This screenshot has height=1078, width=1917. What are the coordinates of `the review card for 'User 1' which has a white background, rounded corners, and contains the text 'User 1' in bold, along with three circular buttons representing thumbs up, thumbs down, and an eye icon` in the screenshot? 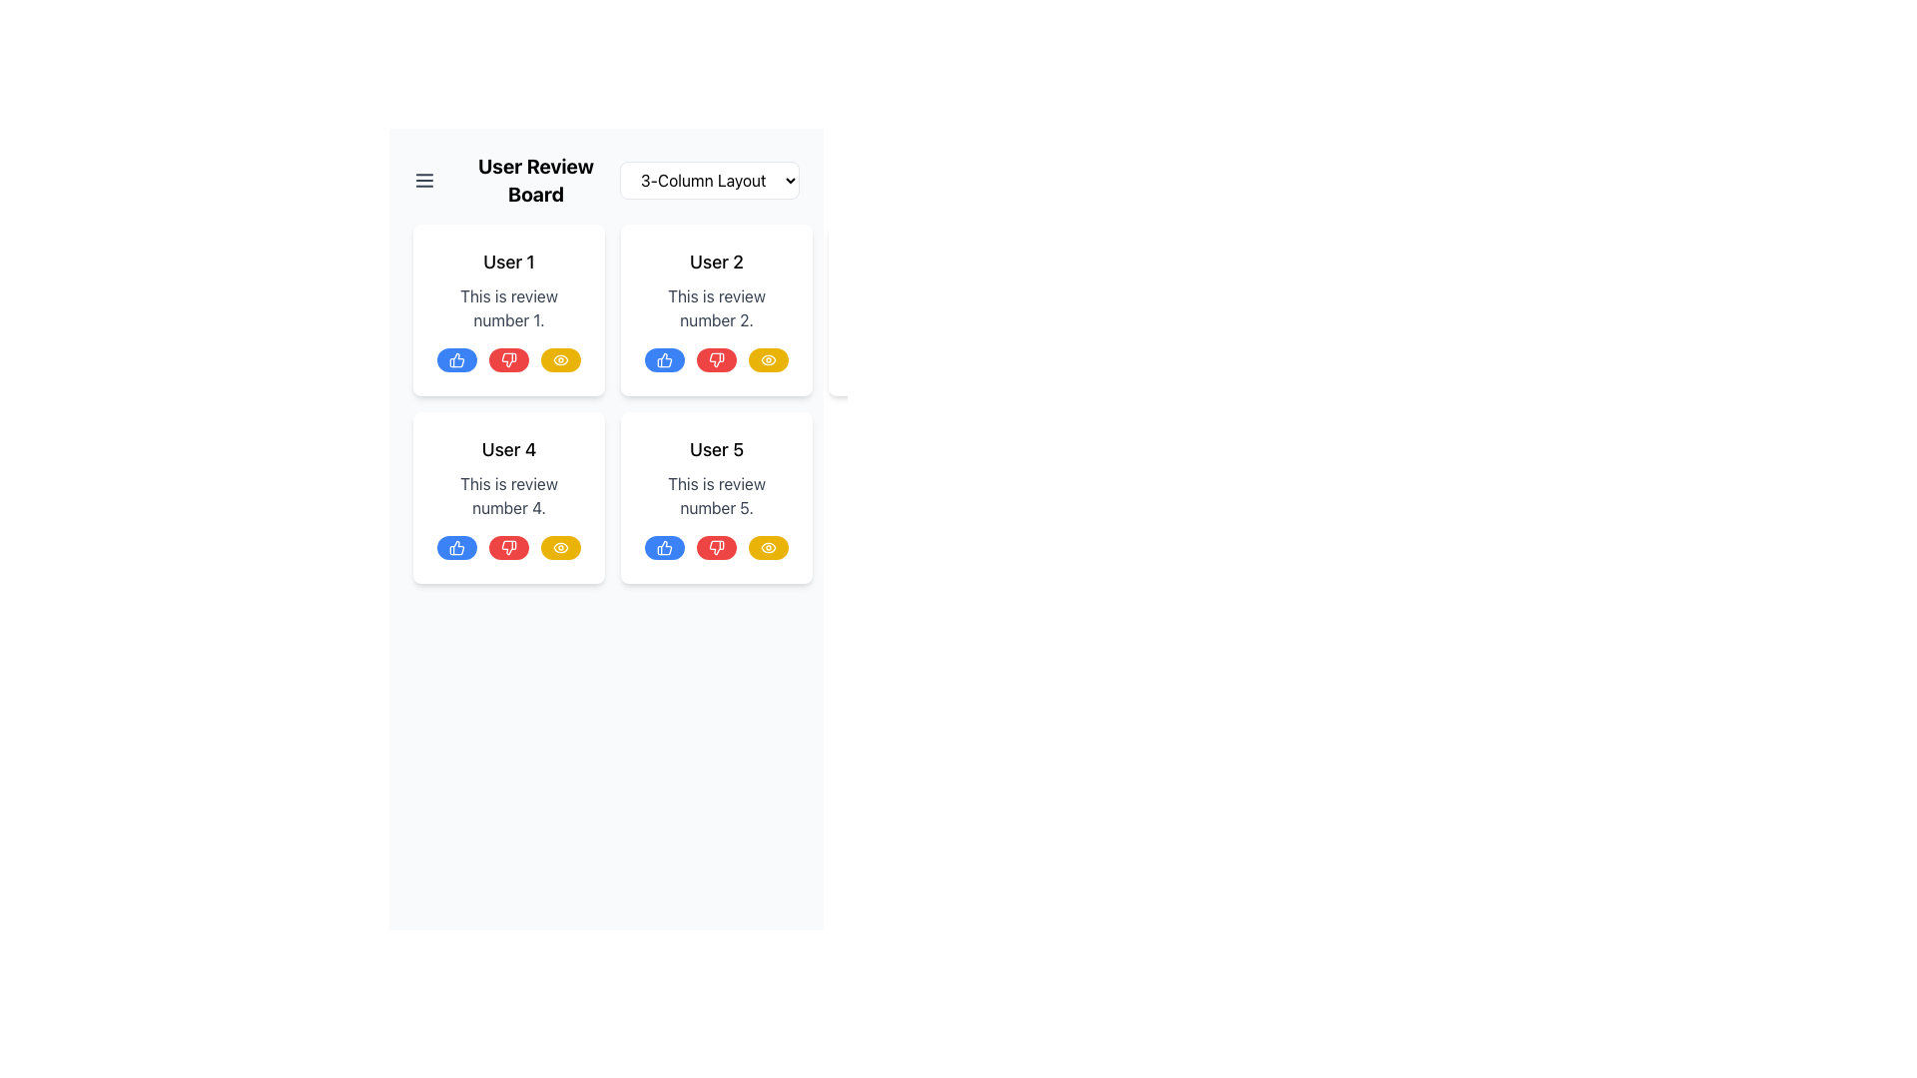 It's located at (508, 310).